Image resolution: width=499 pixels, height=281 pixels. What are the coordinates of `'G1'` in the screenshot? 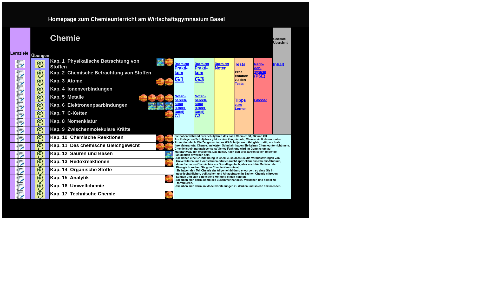 It's located at (177, 116).